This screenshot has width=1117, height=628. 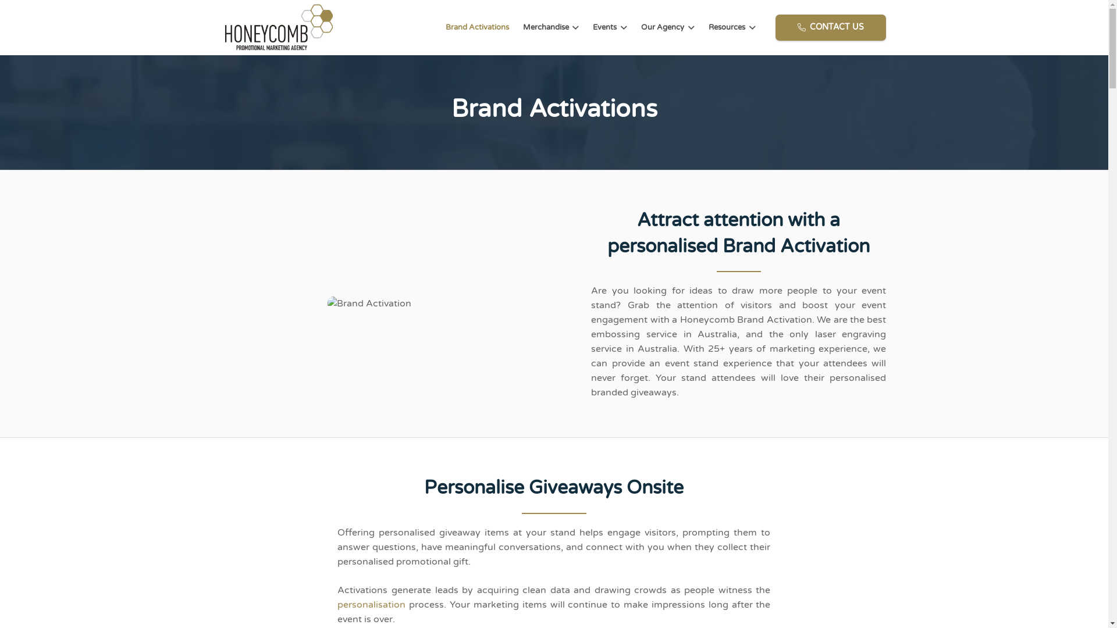 I want to click on 'Our Agency', so click(x=667, y=27).